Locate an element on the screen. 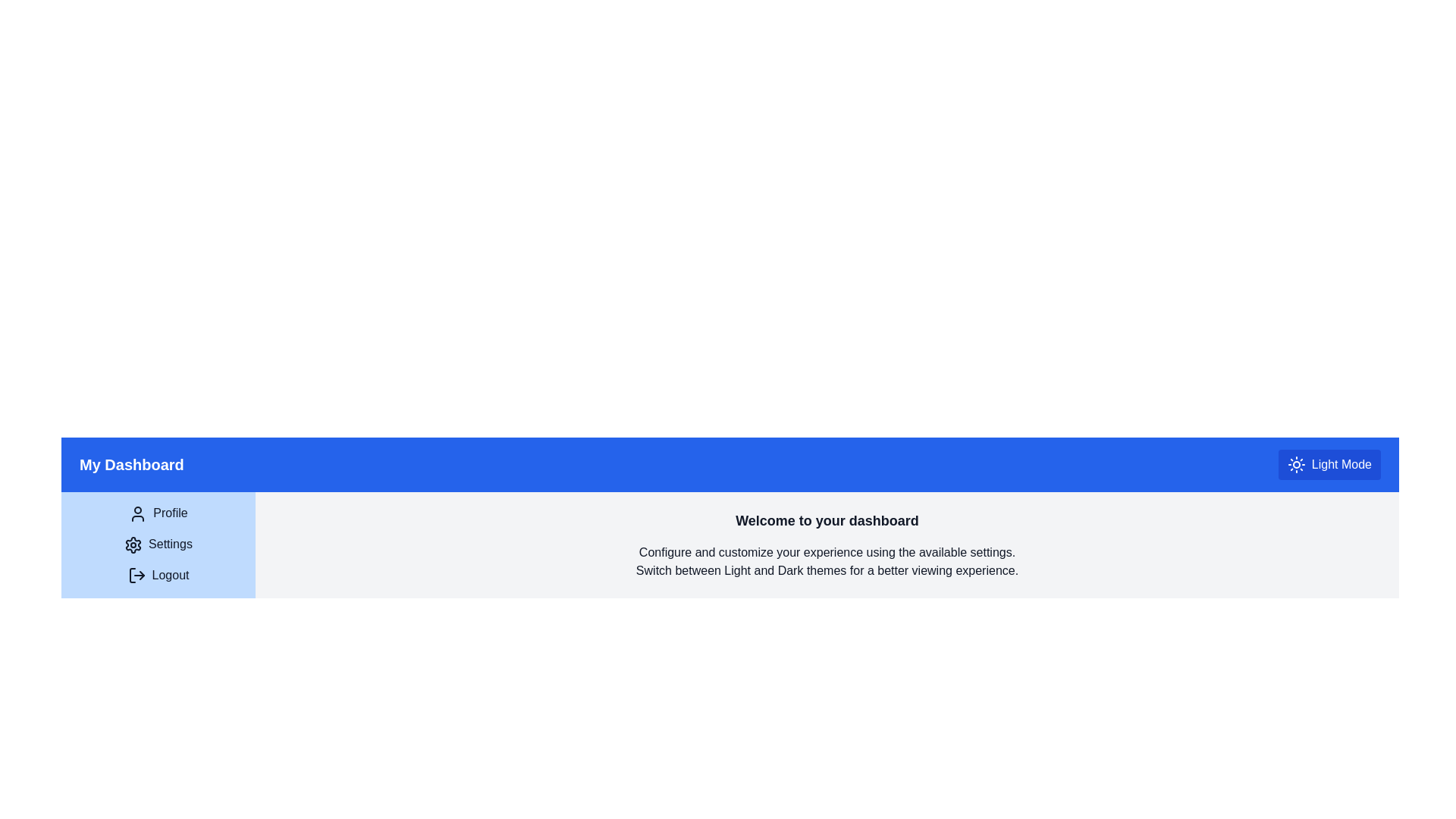  the 'Settings' icon located in the left-hand sidebar menu, positioned to the right of the 'Profile' option and above the 'Logout' option is located at coordinates (133, 544).